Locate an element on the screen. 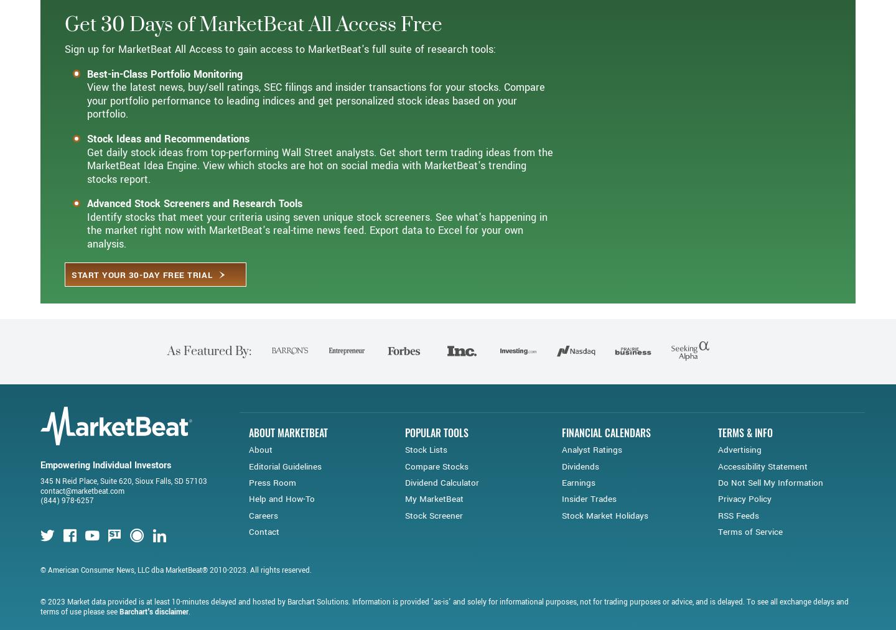  'Get daily stock ideas from top-performing Wall Street analysts. Get short term trading ideas from the MarketBeat Idea Engine. View which stocks are hot on social media with MarketBeat's trending stocks report.' is located at coordinates (319, 210).